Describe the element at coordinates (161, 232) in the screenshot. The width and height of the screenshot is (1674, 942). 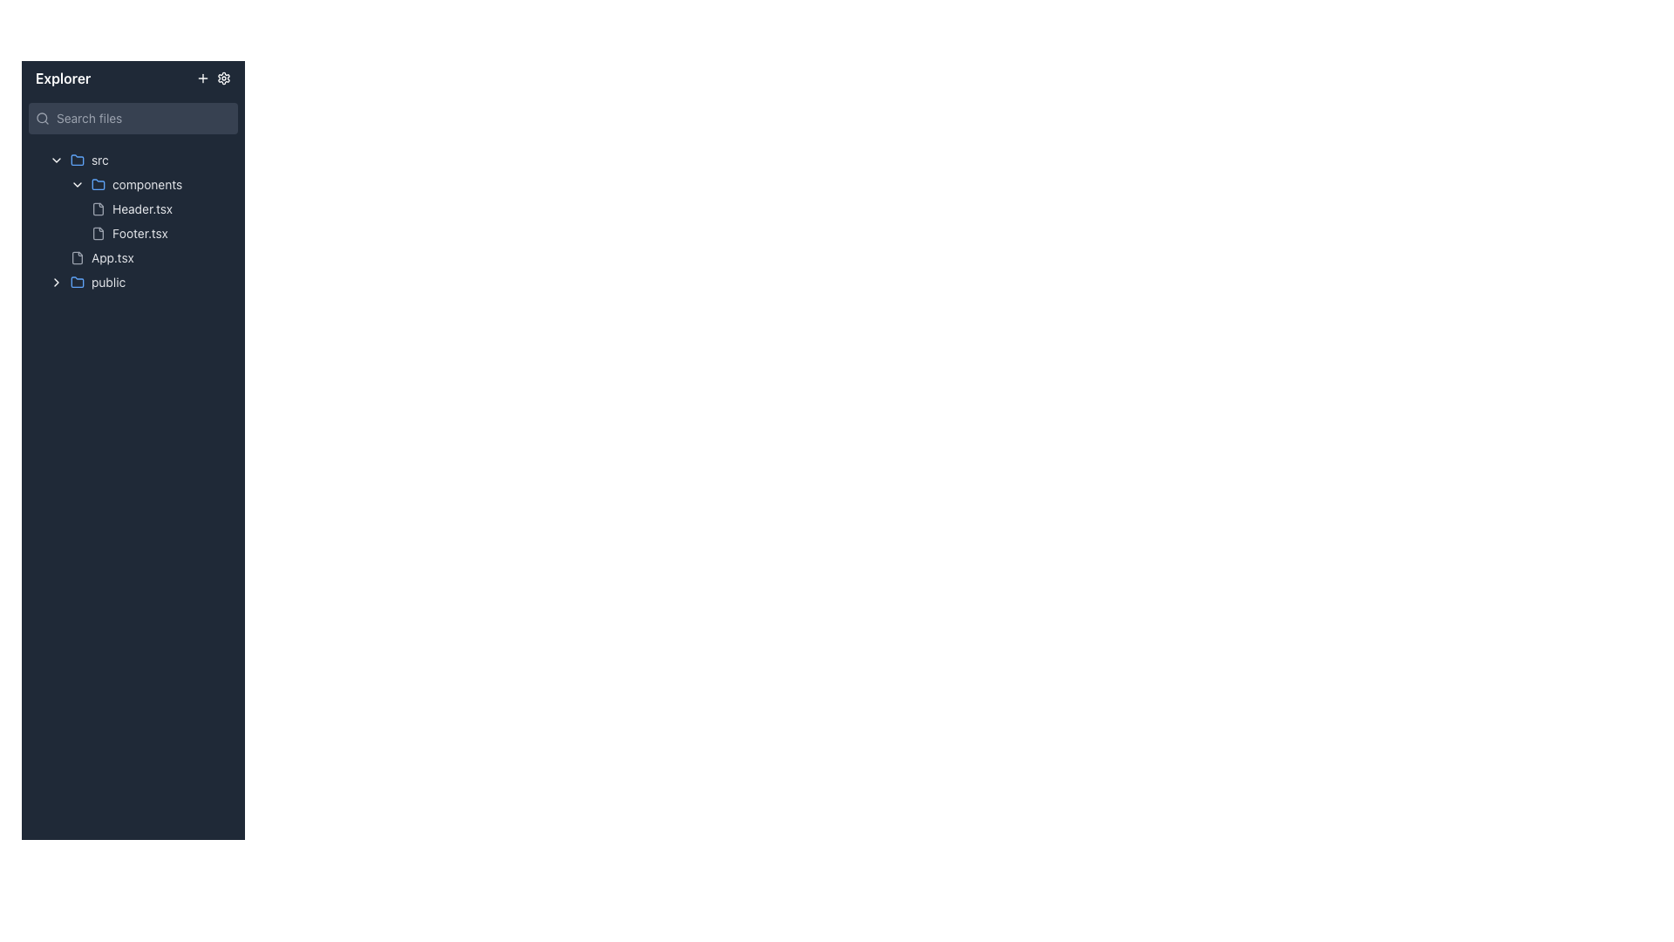
I see `the file item labeled 'Footer.tsx' in the file explorer UI to possibly highlight or preview it` at that location.